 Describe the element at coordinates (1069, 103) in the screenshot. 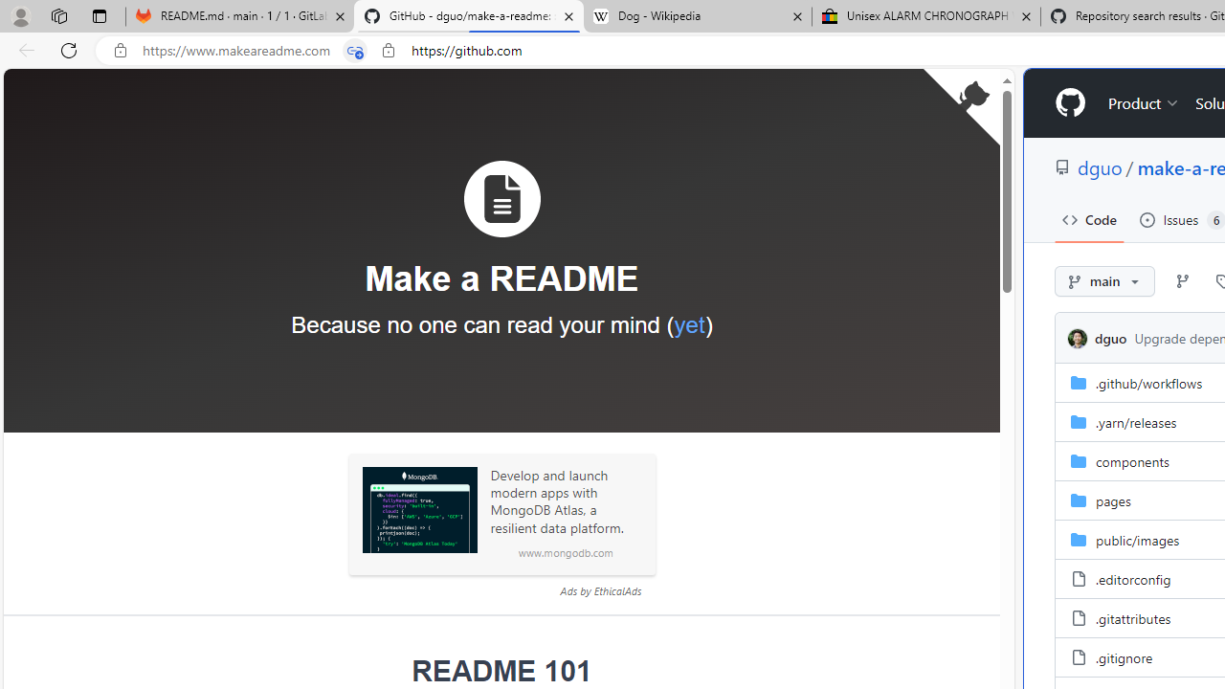

I see `'Homepage'` at that location.